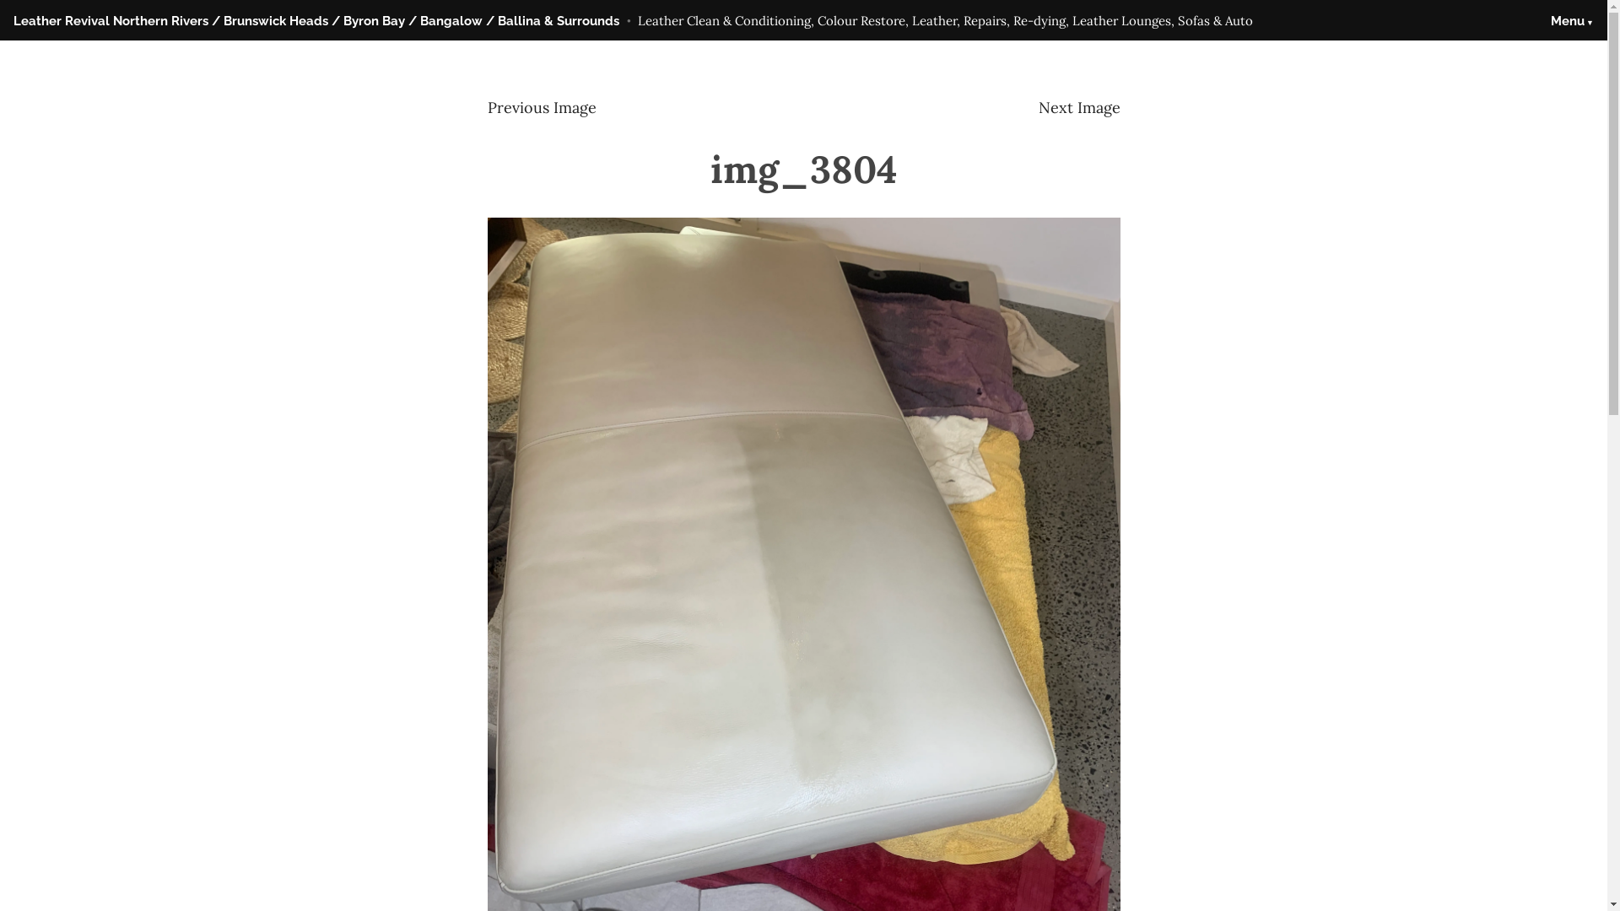  Describe the element at coordinates (1571, 21) in the screenshot. I see `'Menu'` at that location.